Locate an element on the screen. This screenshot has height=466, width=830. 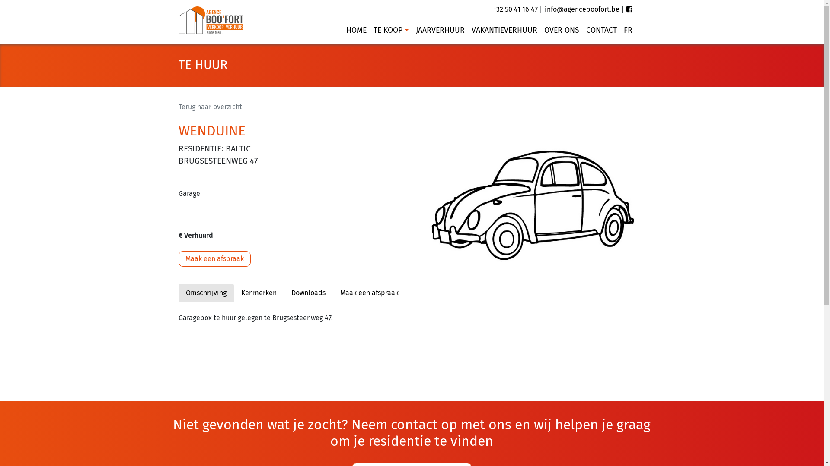
'FR' is located at coordinates (619, 30).